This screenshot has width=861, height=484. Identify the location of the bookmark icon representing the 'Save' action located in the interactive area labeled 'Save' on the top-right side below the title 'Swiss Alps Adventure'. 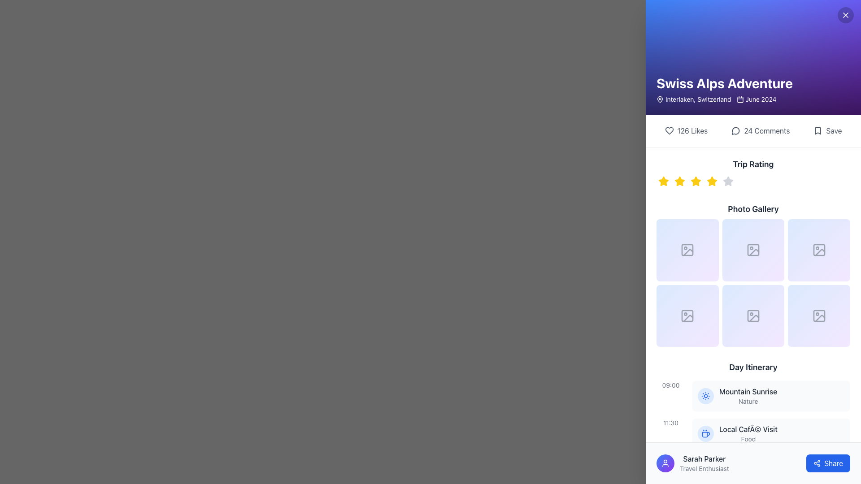
(818, 131).